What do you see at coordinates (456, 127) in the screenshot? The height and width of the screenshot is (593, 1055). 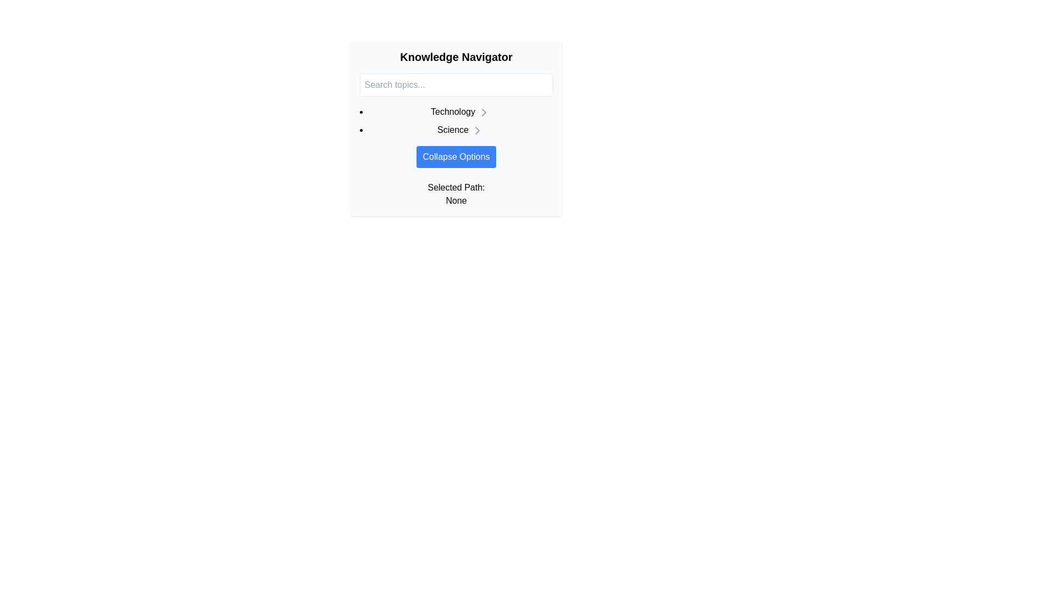 I see `the 'Science' text link located within the 'Knowledge Navigator' section, which is the second clickable term in the list under the search bar` at bounding box center [456, 127].